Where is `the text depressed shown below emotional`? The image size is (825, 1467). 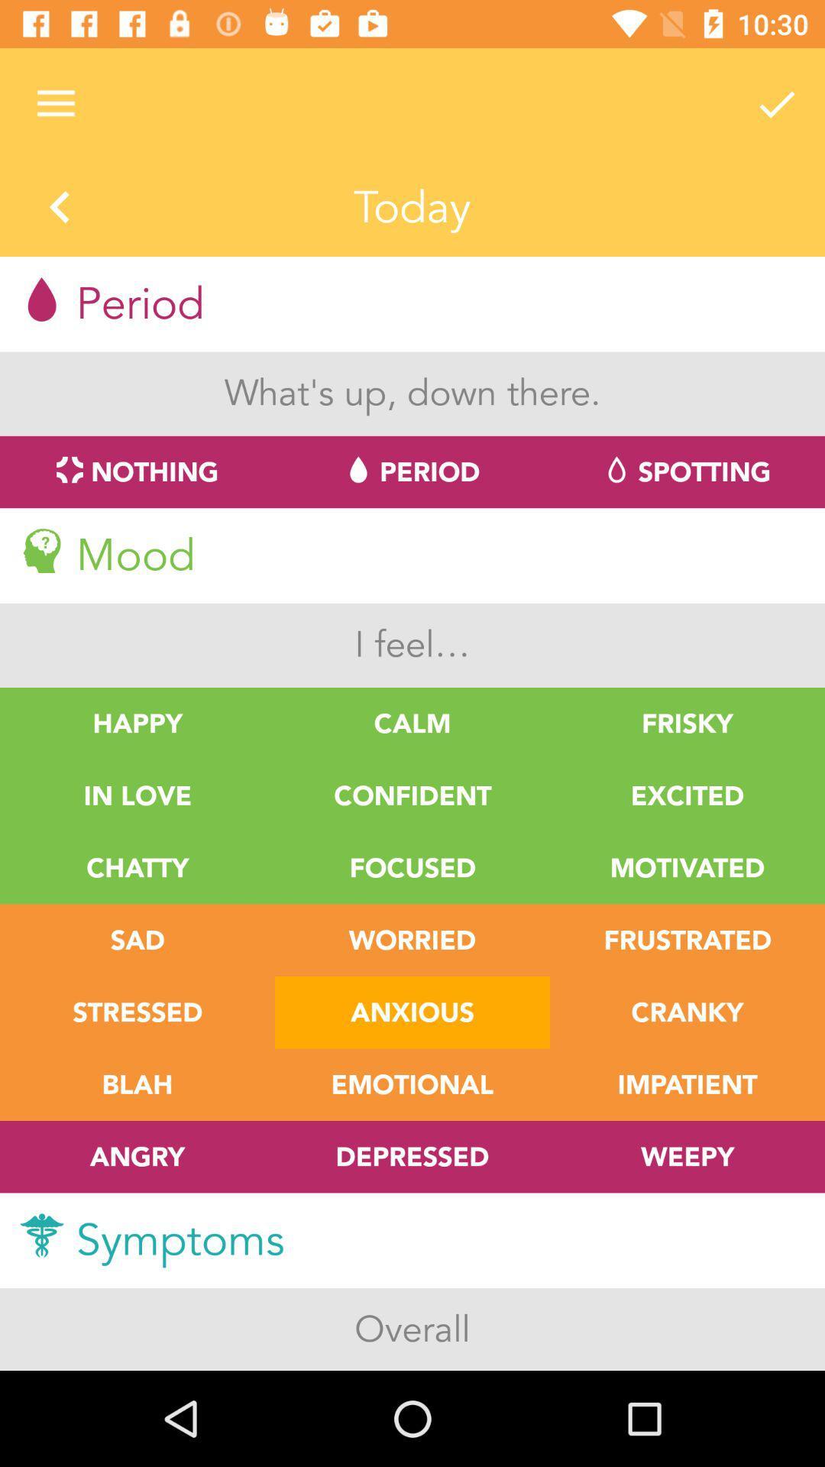
the text depressed shown below emotional is located at coordinates (412, 1157).